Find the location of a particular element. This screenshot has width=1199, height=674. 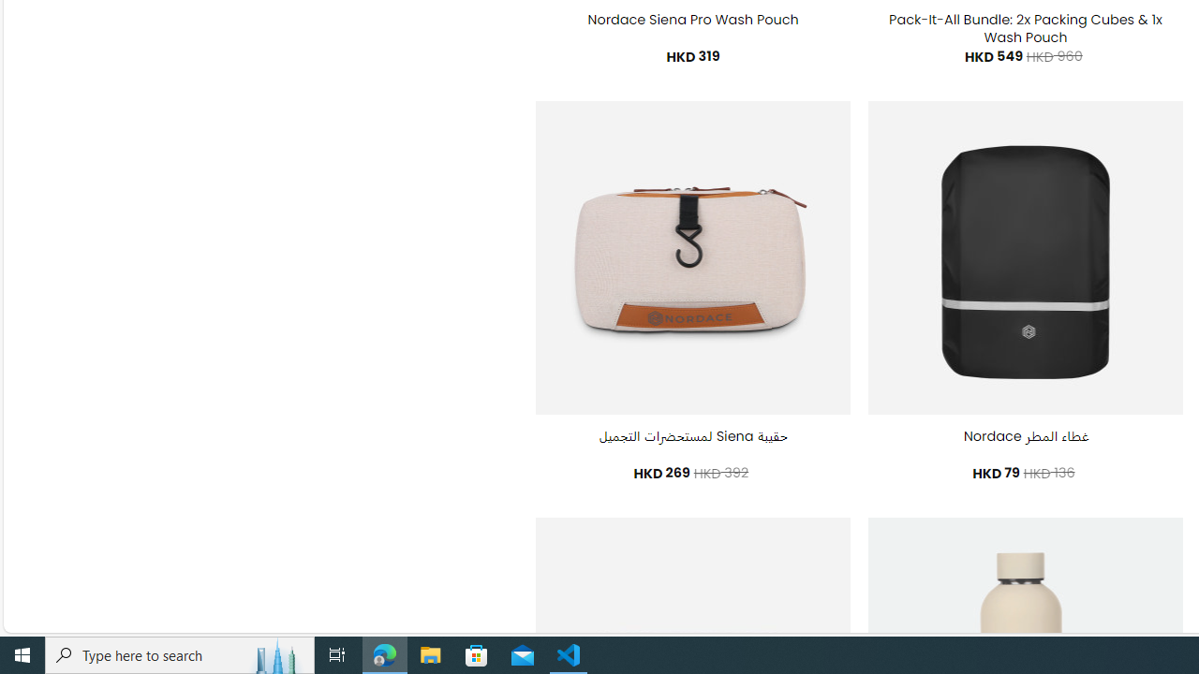

'Nordace Siena Pro Wash Pouch' is located at coordinates (691, 20).